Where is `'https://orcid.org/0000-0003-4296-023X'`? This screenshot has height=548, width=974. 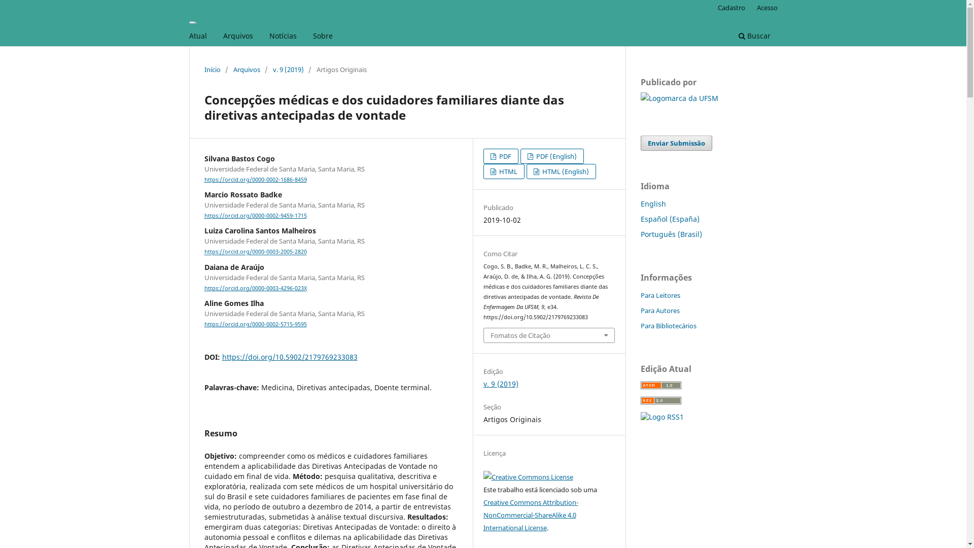 'https://orcid.org/0000-0003-4296-023X' is located at coordinates (255, 288).